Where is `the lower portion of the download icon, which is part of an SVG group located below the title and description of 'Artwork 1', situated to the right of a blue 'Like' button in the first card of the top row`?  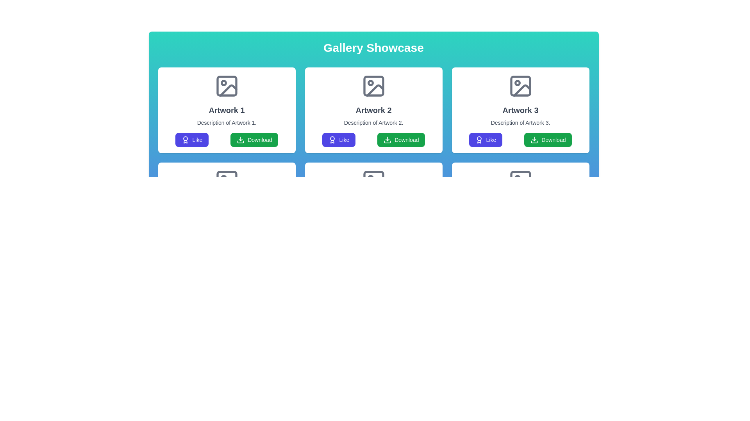 the lower portion of the download icon, which is part of an SVG group located below the title and description of 'Artwork 1', situated to the right of a blue 'Like' button in the first card of the top row is located at coordinates (240, 142).